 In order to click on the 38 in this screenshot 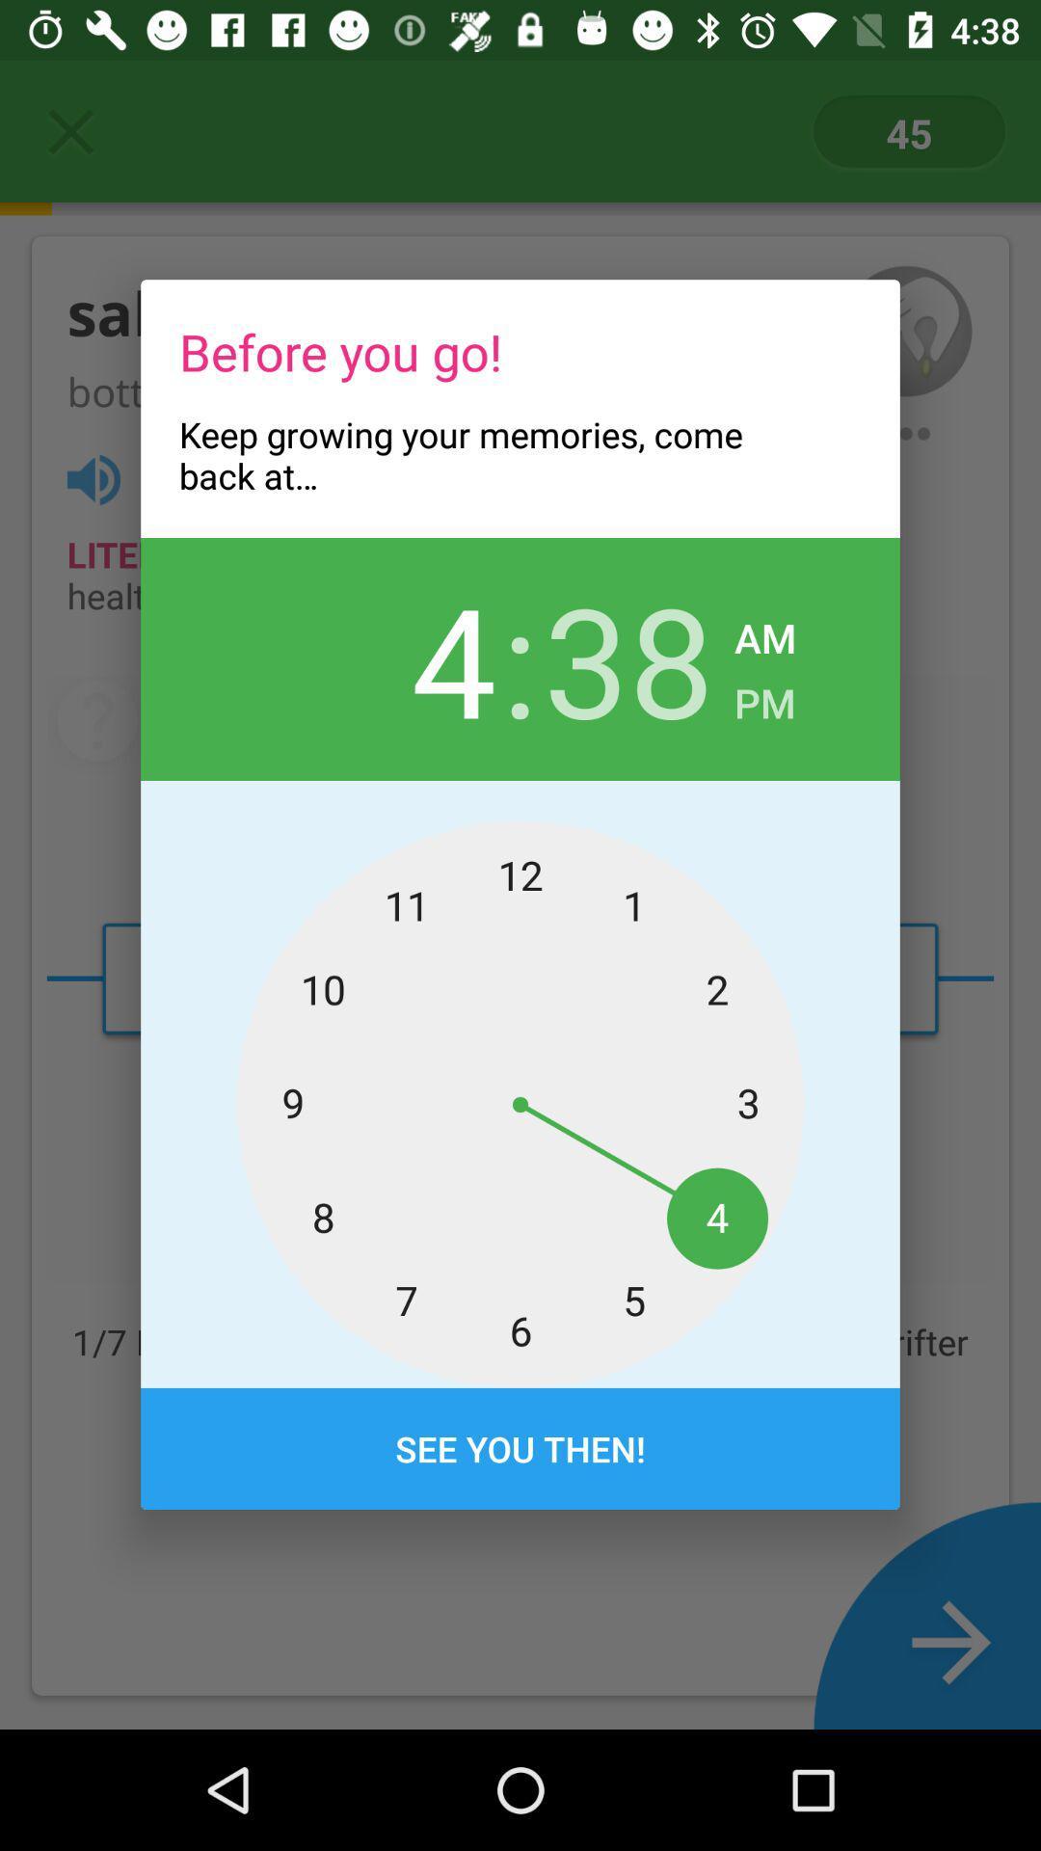, I will do `click(628, 658)`.